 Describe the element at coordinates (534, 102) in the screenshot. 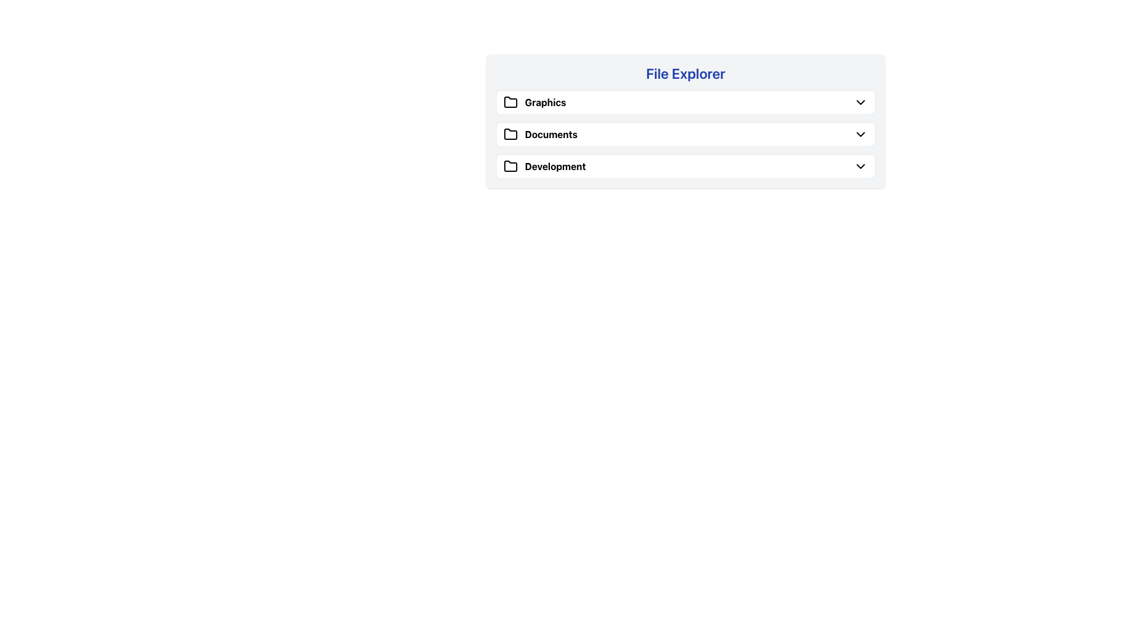

I see `the 'Graphics' folder label at the top of the vertical list in the File Explorer interface` at that location.